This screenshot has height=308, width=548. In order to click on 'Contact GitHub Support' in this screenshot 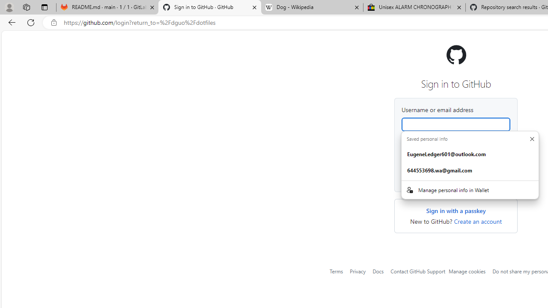, I will do `click(417, 271)`.